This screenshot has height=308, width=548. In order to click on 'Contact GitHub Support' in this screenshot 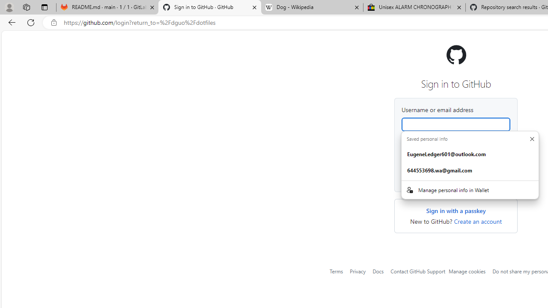, I will do `click(417, 271)`.